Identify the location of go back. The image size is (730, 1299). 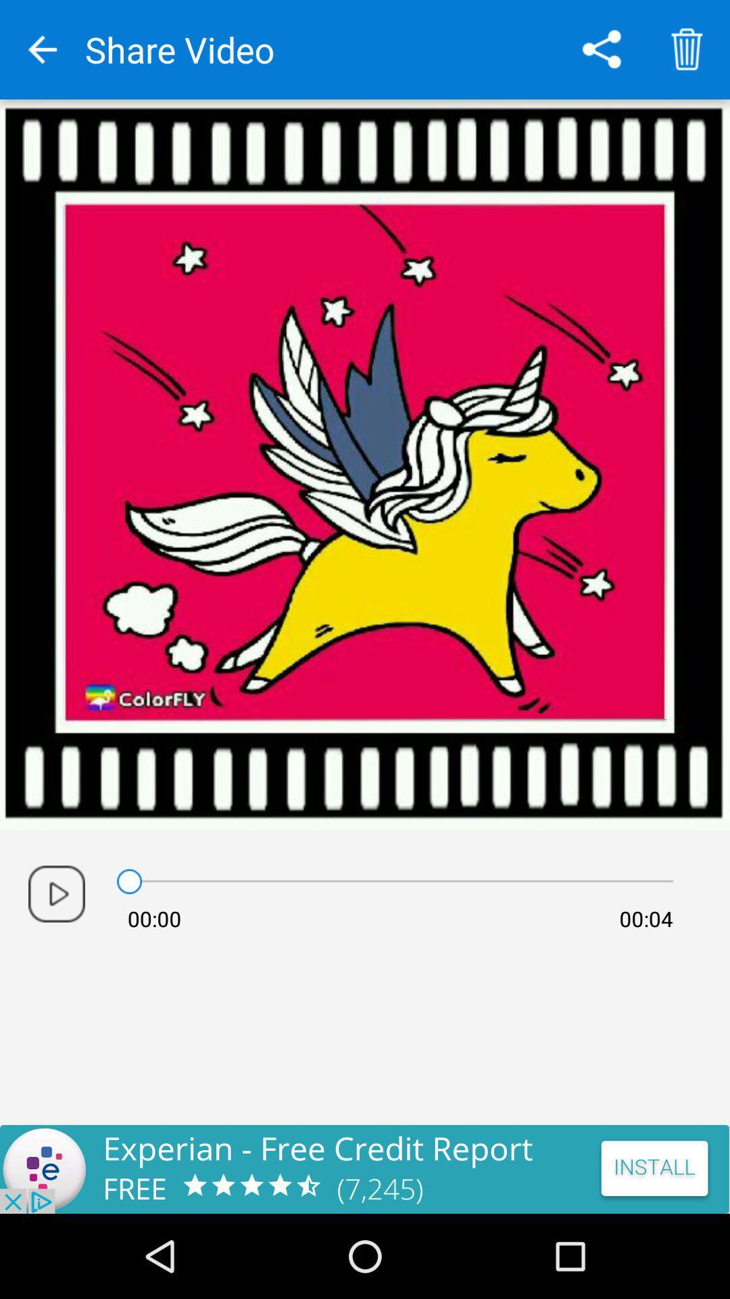
(41, 49).